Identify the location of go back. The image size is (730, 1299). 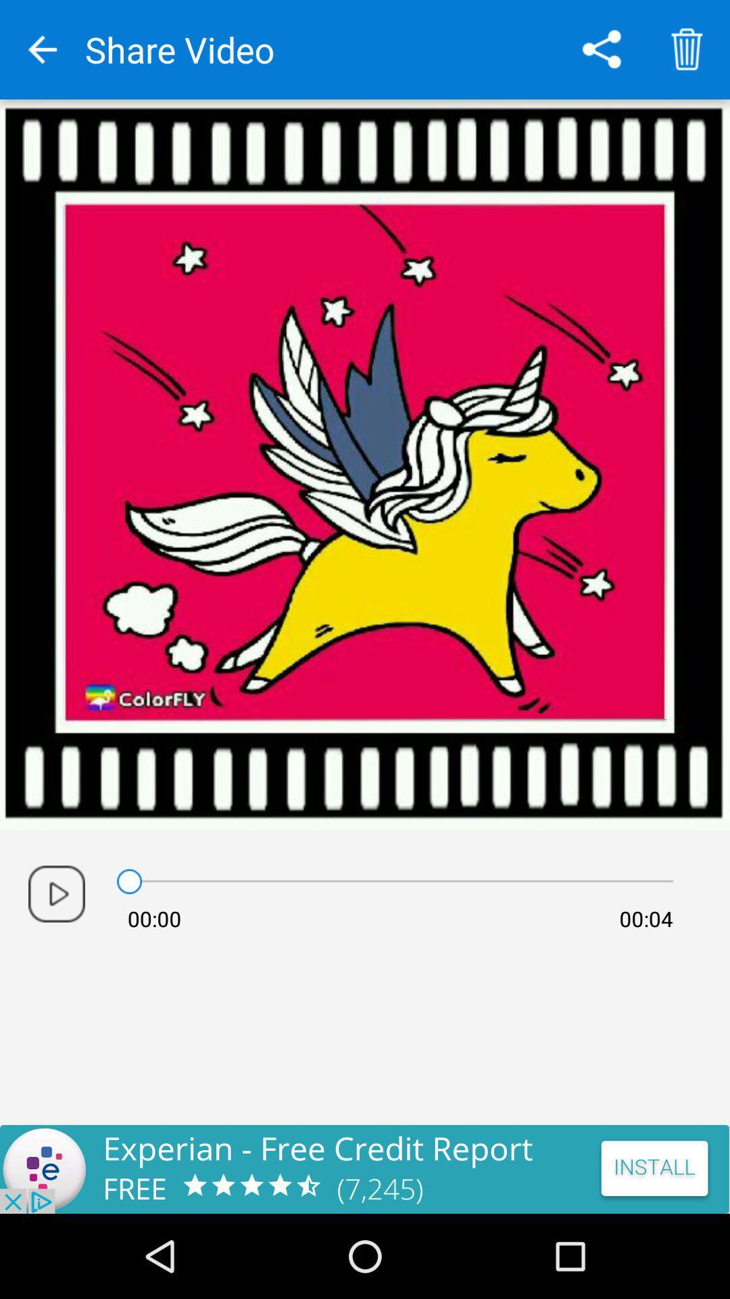
(41, 49).